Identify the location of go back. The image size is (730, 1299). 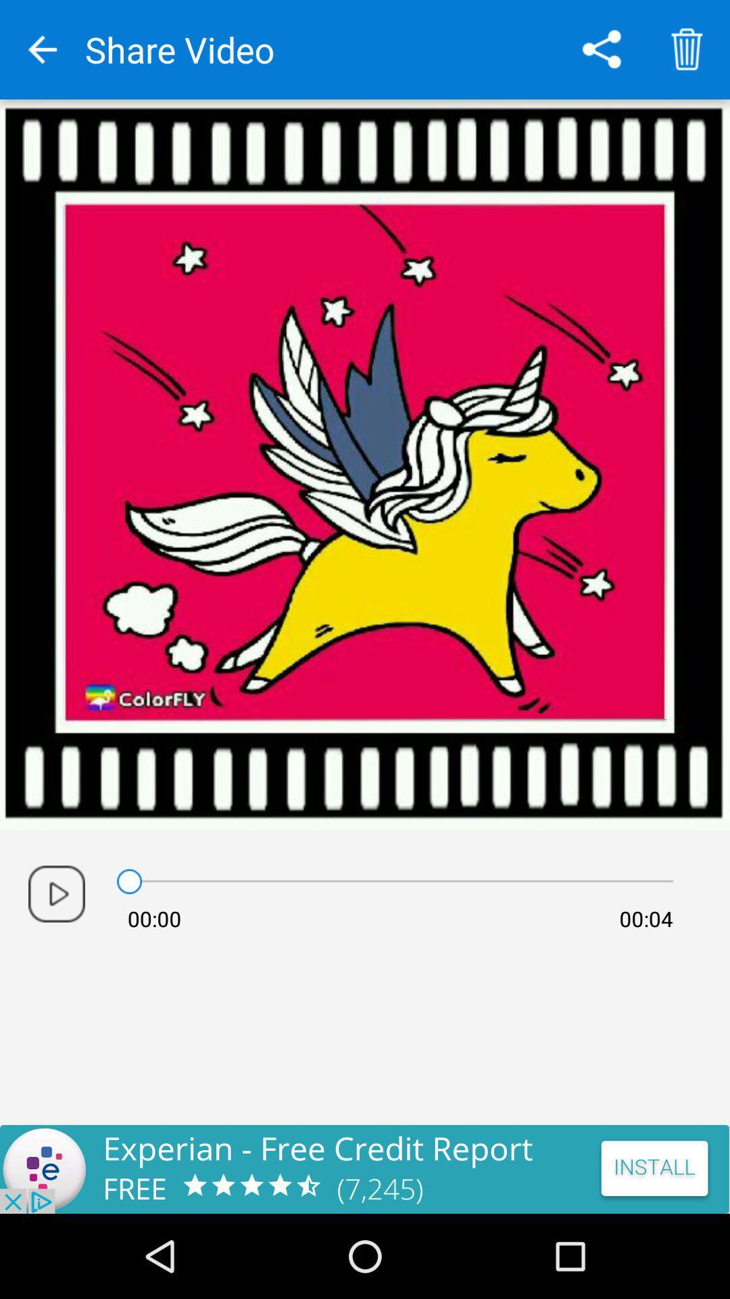
(41, 49).